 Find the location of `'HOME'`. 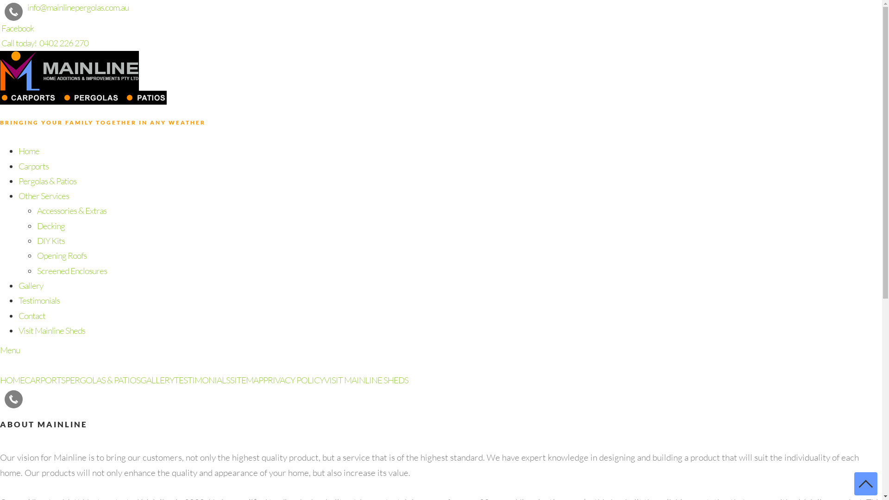

'HOME' is located at coordinates (12, 380).